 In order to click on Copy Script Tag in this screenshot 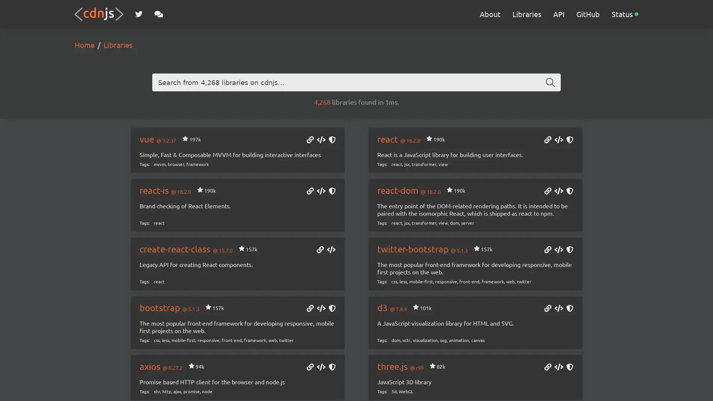, I will do `click(558, 191)`.